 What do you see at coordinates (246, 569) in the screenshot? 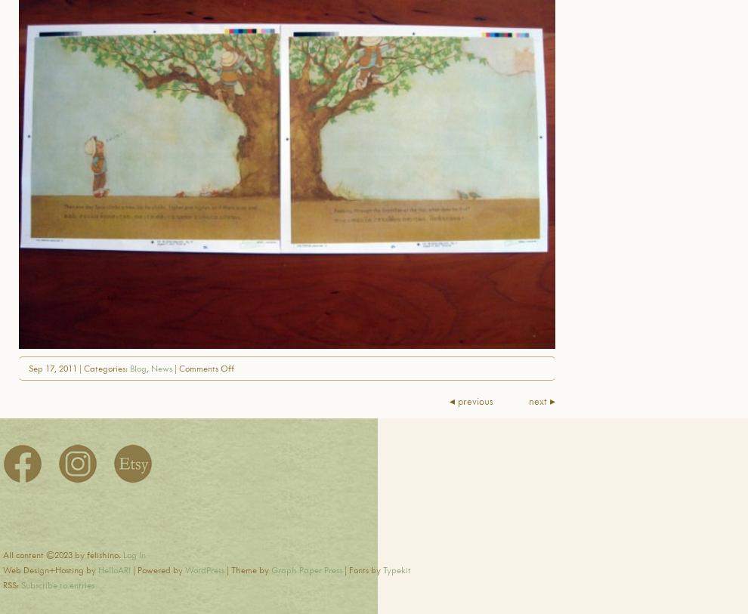
I see `'| 
        Theme by'` at bounding box center [246, 569].